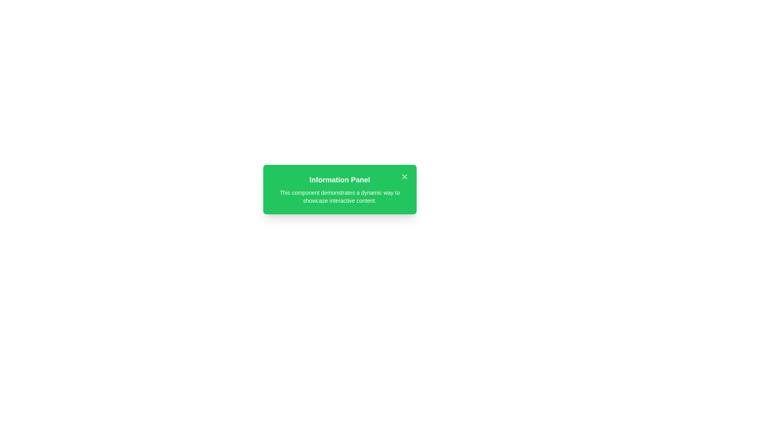 The width and height of the screenshot is (767, 431). Describe the element at coordinates (404, 176) in the screenshot. I see `the 'X' icon close button with a green background and white outline located at the top-right corner of the green information panel` at that location.